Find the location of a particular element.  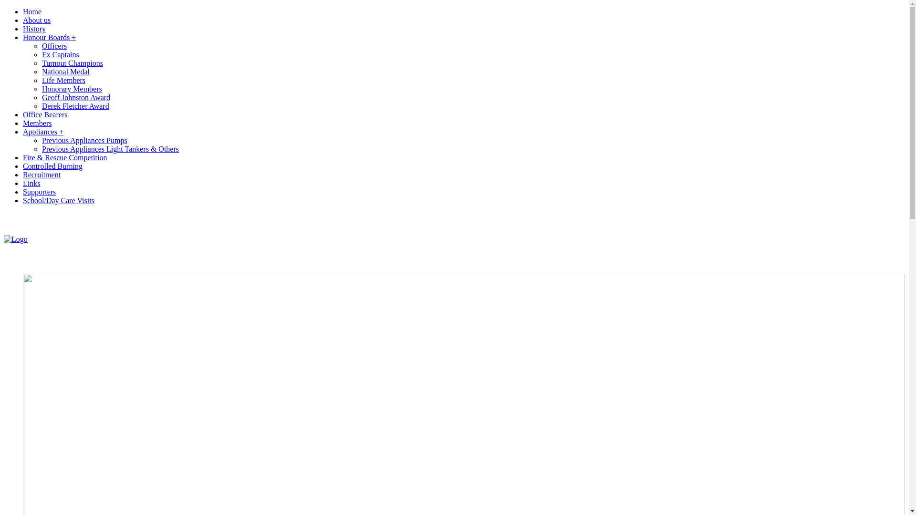

'Turnout Champions' is located at coordinates (72, 63).